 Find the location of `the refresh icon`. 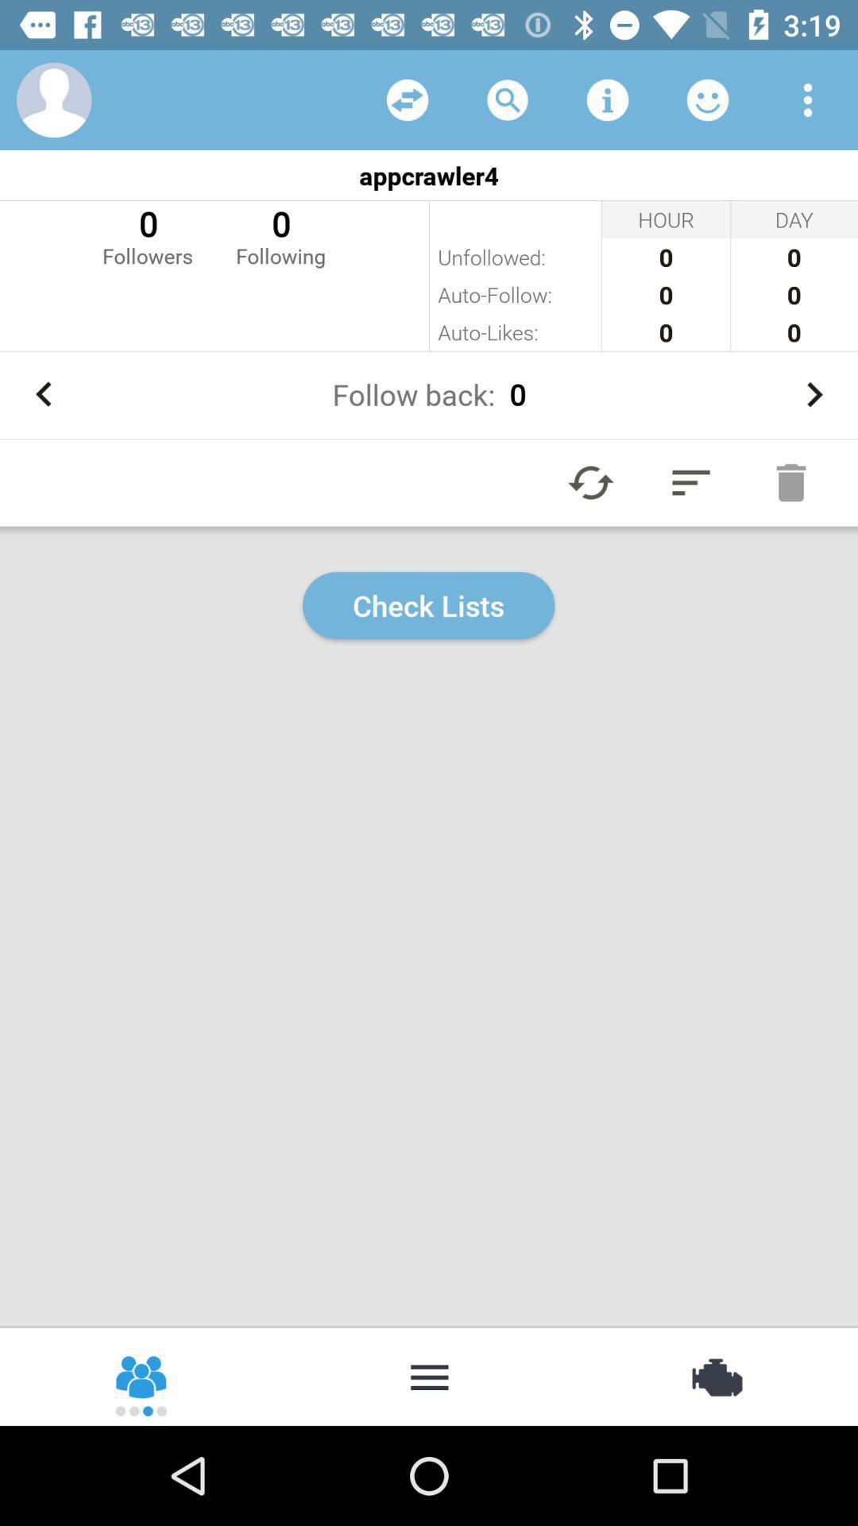

the refresh icon is located at coordinates (591, 482).